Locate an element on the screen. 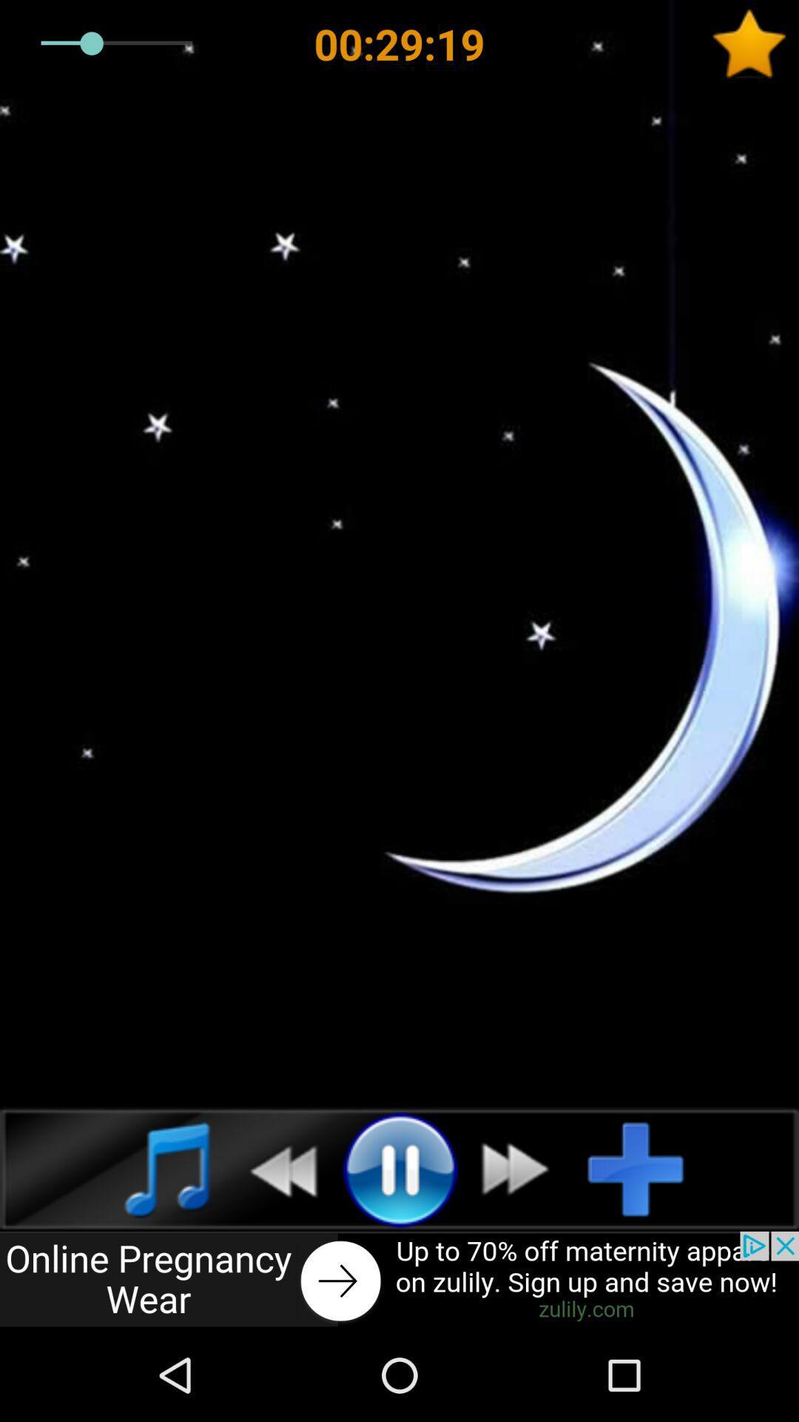  the pause icon is located at coordinates (399, 1168).